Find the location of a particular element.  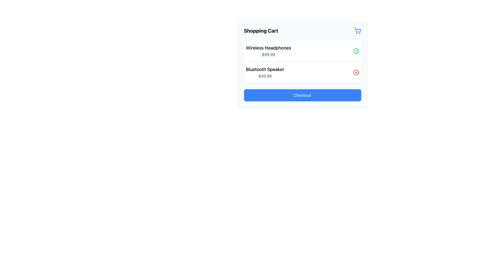

the static text label displaying the price '$99.99', which is styled in light gray and positioned under the 'Wireless Headphones' title is located at coordinates (268, 55).